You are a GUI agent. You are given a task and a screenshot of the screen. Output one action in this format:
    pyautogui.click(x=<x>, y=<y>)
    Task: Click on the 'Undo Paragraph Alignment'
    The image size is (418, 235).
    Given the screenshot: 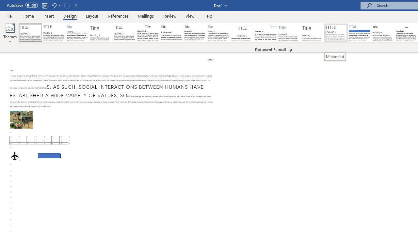 What is the action you would take?
    pyautogui.click(x=54, y=5)
    